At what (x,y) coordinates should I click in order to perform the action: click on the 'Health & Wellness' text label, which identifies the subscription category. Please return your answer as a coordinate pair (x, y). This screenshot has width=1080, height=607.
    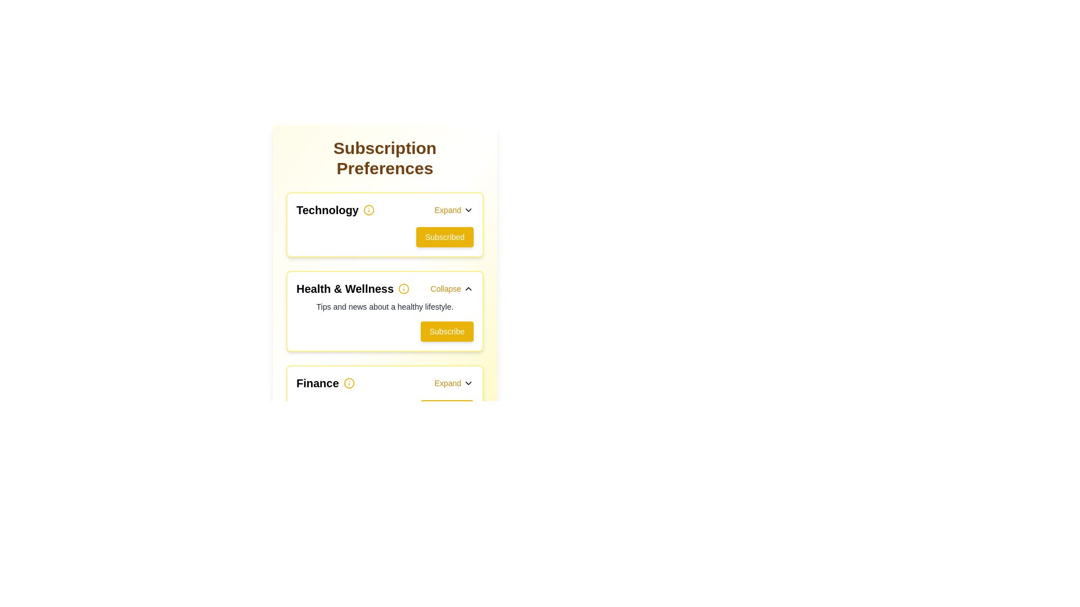
    Looking at the image, I should click on (344, 288).